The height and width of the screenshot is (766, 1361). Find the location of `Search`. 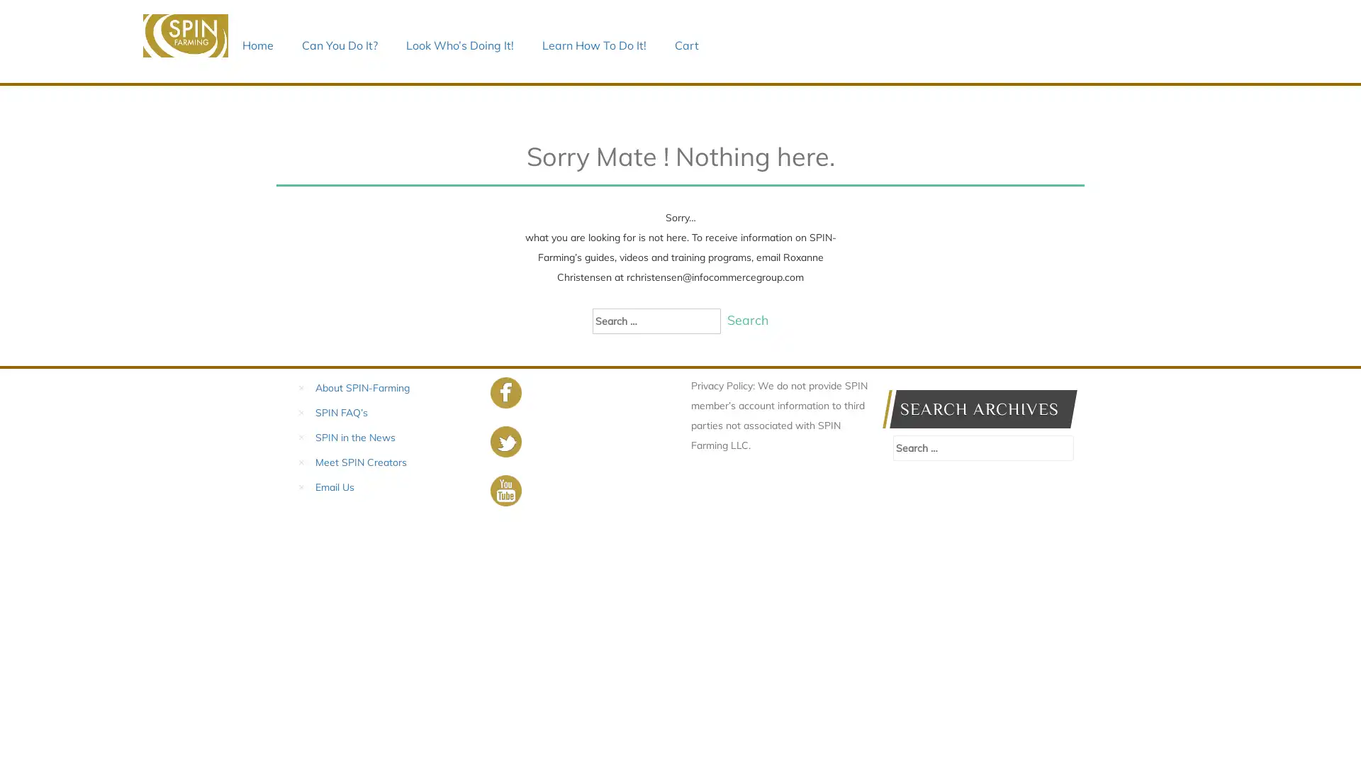

Search is located at coordinates (746, 320).